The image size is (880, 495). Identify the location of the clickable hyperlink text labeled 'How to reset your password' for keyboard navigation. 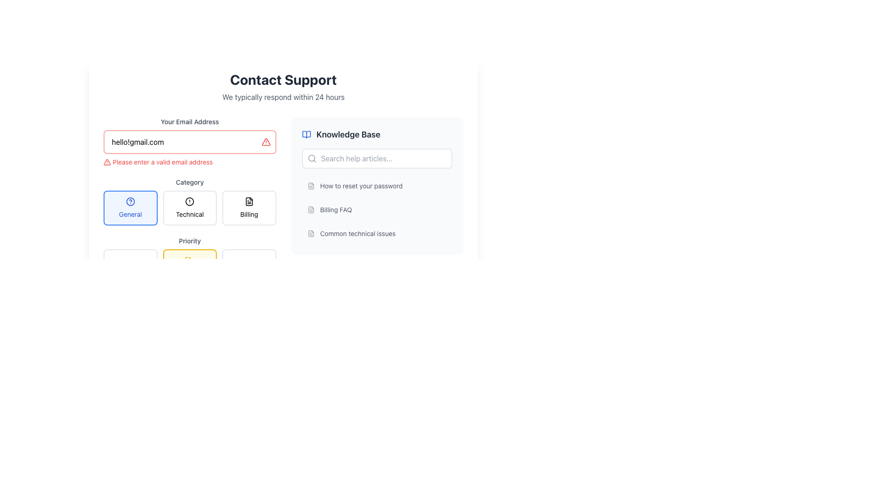
(377, 186).